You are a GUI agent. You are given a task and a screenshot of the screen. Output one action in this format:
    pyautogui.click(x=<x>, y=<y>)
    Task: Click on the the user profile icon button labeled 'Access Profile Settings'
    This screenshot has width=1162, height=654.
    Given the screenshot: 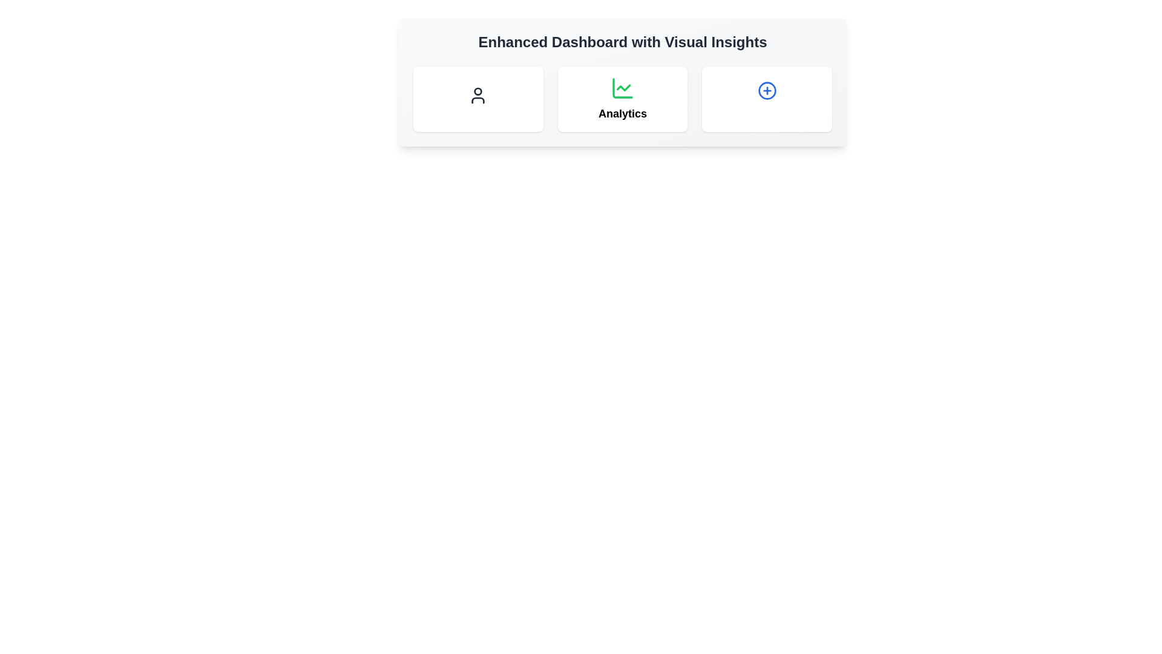 What is the action you would take?
    pyautogui.click(x=478, y=95)
    